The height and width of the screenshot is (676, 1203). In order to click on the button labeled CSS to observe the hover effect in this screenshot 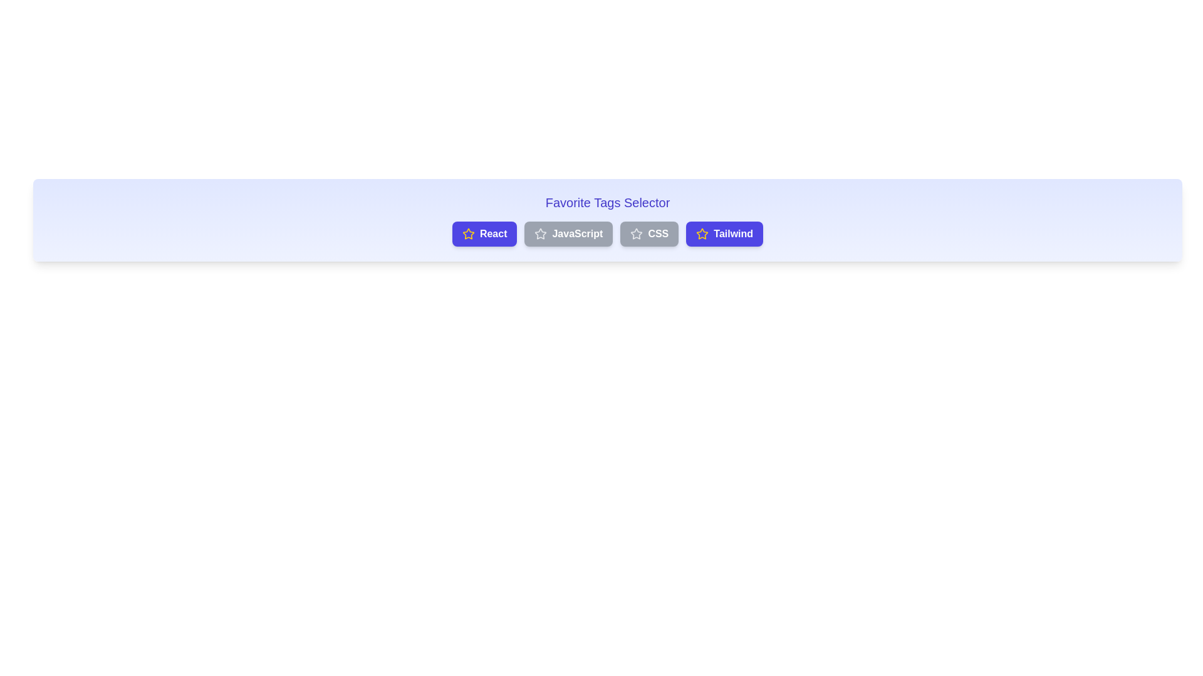, I will do `click(649, 234)`.